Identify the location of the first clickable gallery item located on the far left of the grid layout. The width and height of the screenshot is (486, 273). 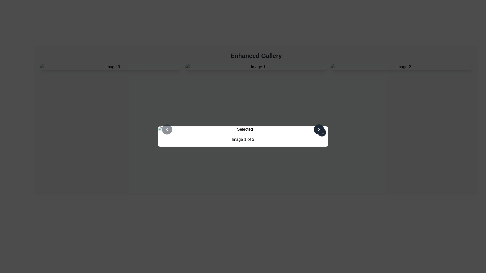
(110, 67).